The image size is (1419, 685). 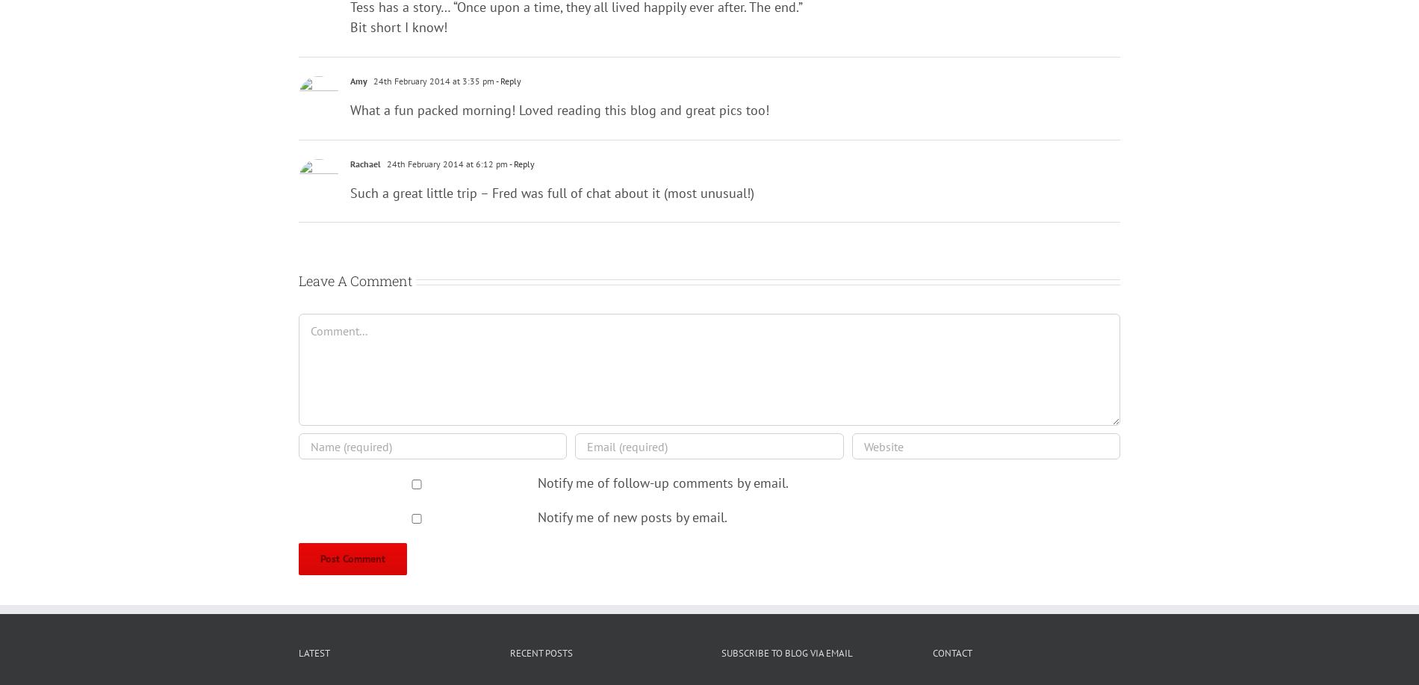 I want to click on 'Leave A Comment', so click(x=355, y=279).